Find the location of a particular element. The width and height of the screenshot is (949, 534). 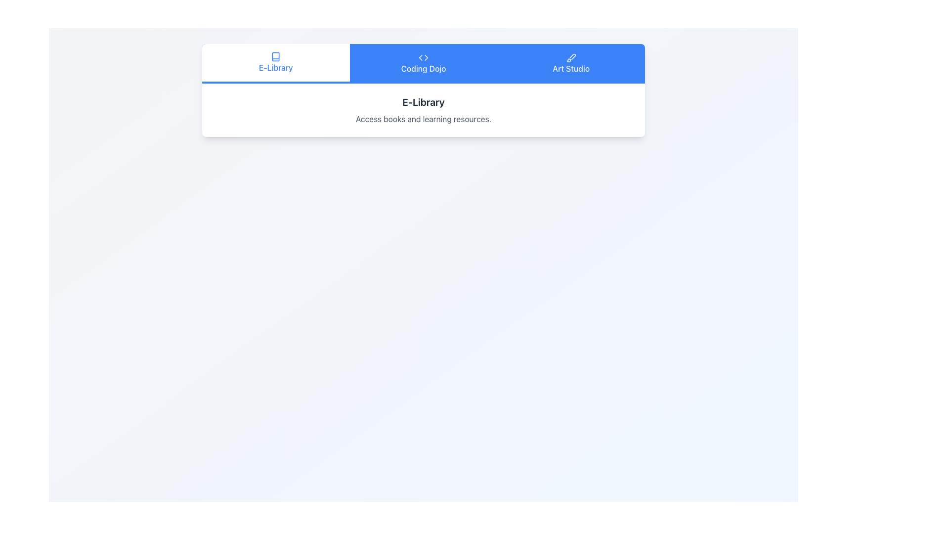

on the leftmost tab in the row of selectable tabs is located at coordinates (276, 63).